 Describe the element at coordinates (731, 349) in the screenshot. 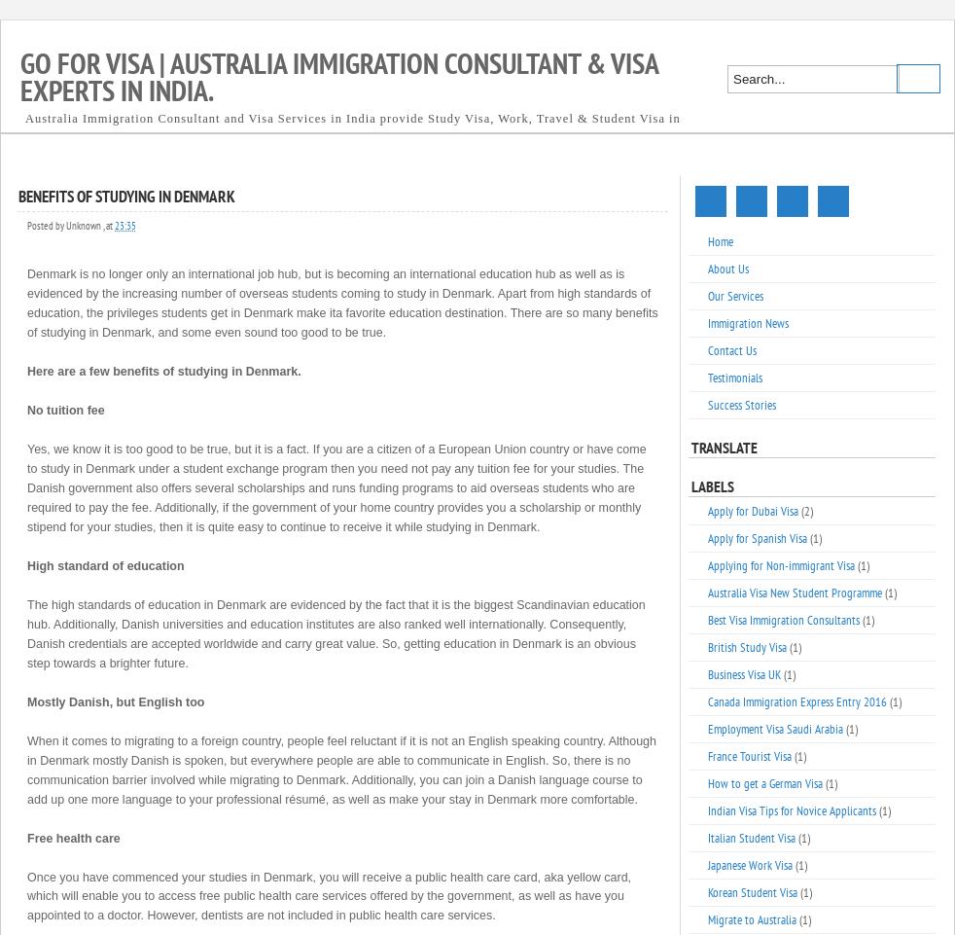

I see `'Contact Us'` at that location.